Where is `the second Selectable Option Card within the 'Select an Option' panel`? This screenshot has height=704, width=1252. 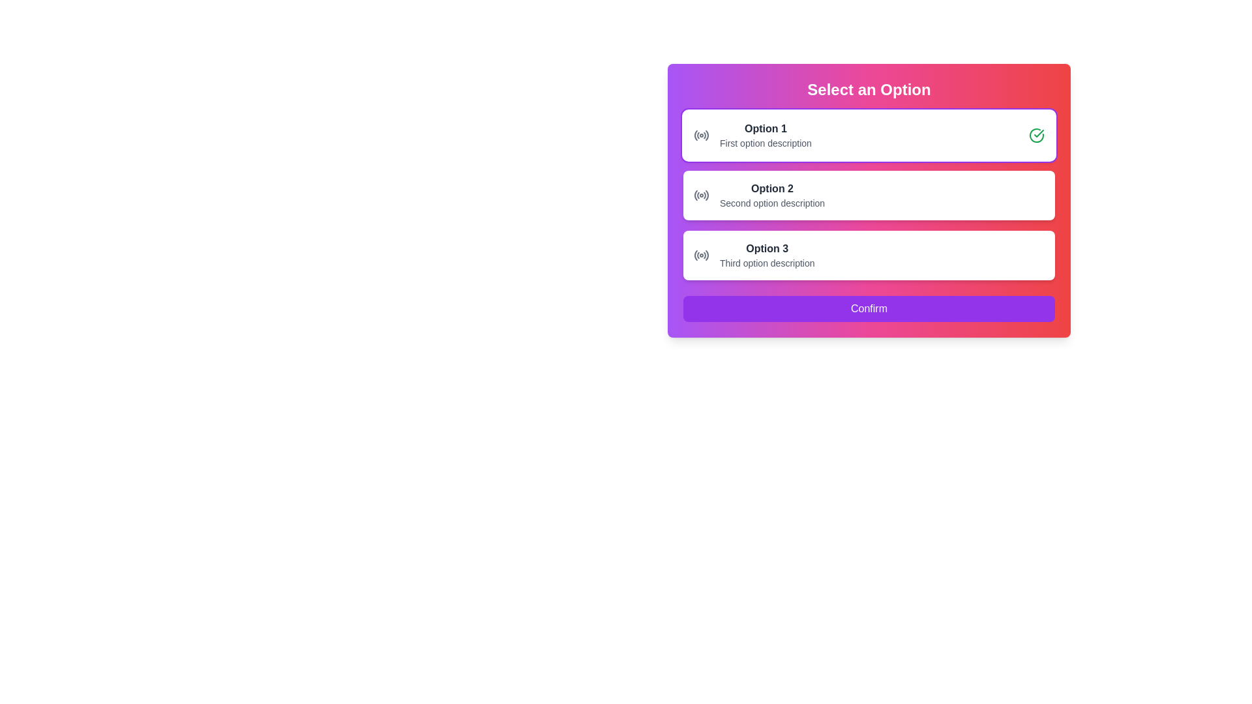
the second Selectable Option Card within the 'Select an Option' panel is located at coordinates (869, 196).